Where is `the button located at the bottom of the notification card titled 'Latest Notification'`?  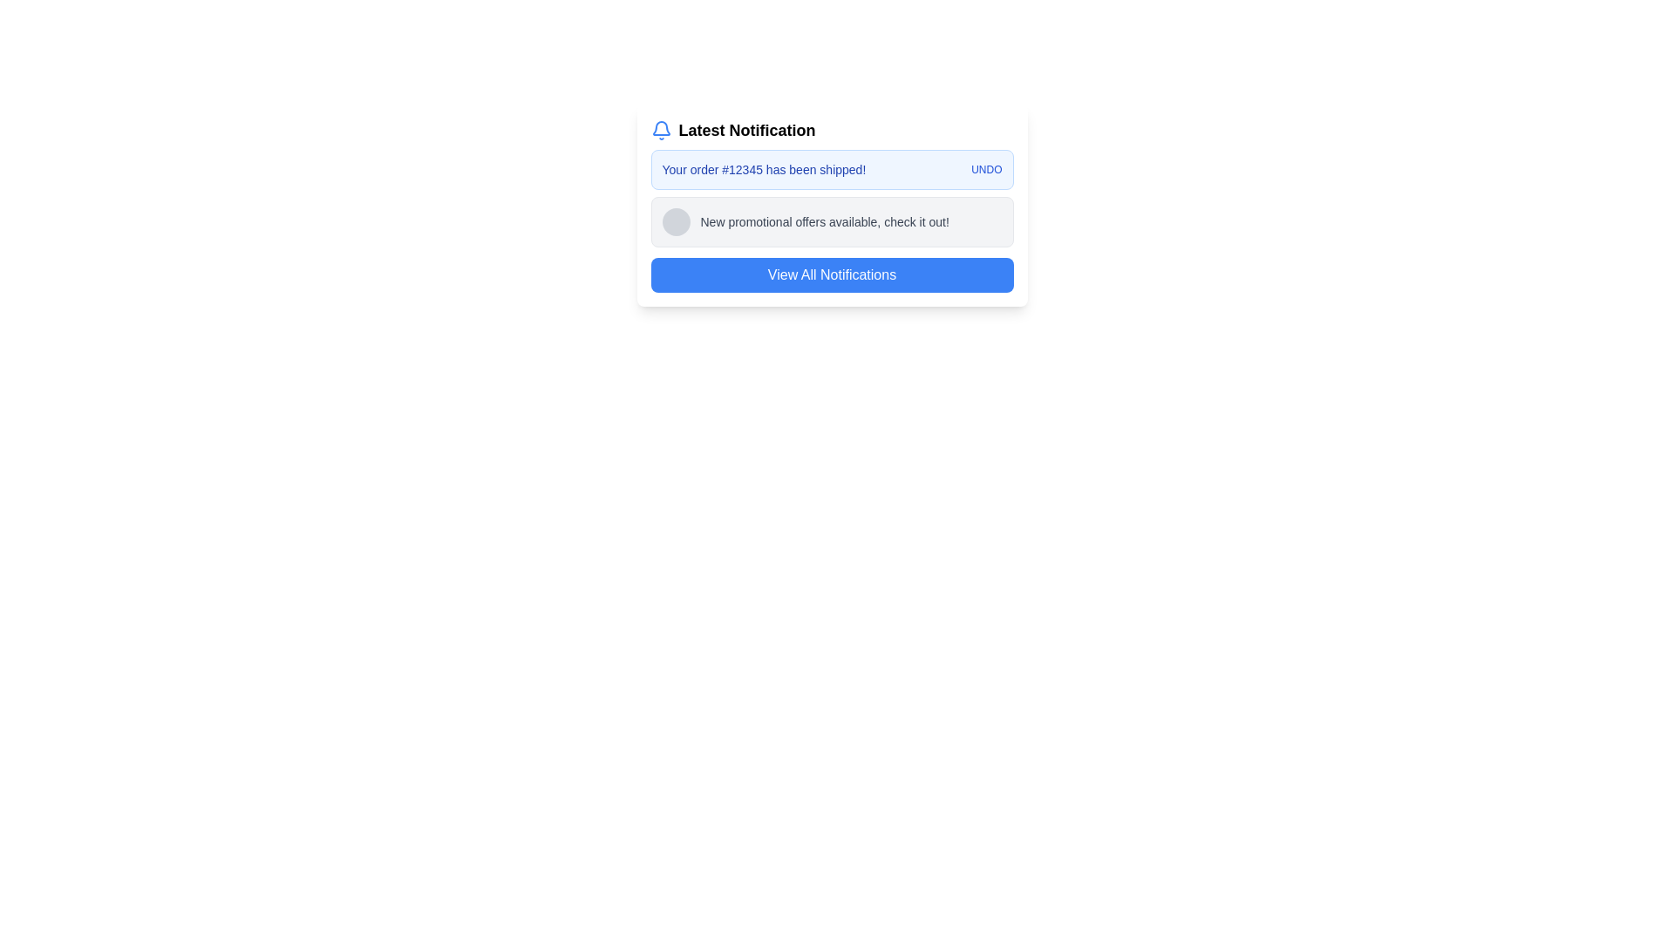 the button located at the bottom of the notification card titled 'Latest Notification' is located at coordinates (831, 274).